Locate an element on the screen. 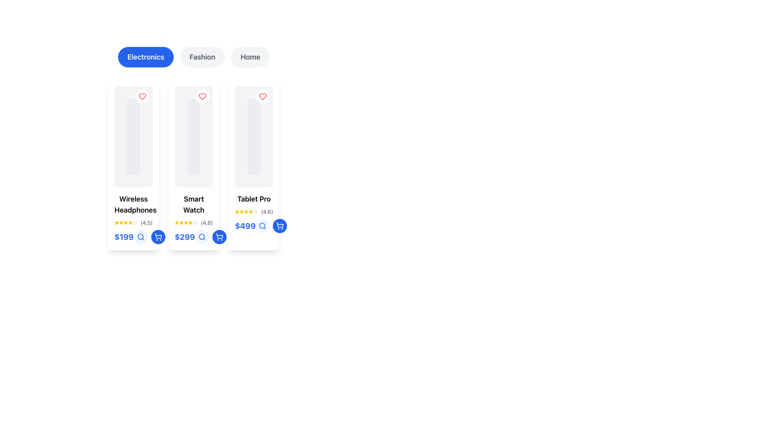 The height and width of the screenshot is (426, 758). the gray rounded background block at the top-center of the product card displaying 'Wireless Headphones' is located at coordinates (133, 136).